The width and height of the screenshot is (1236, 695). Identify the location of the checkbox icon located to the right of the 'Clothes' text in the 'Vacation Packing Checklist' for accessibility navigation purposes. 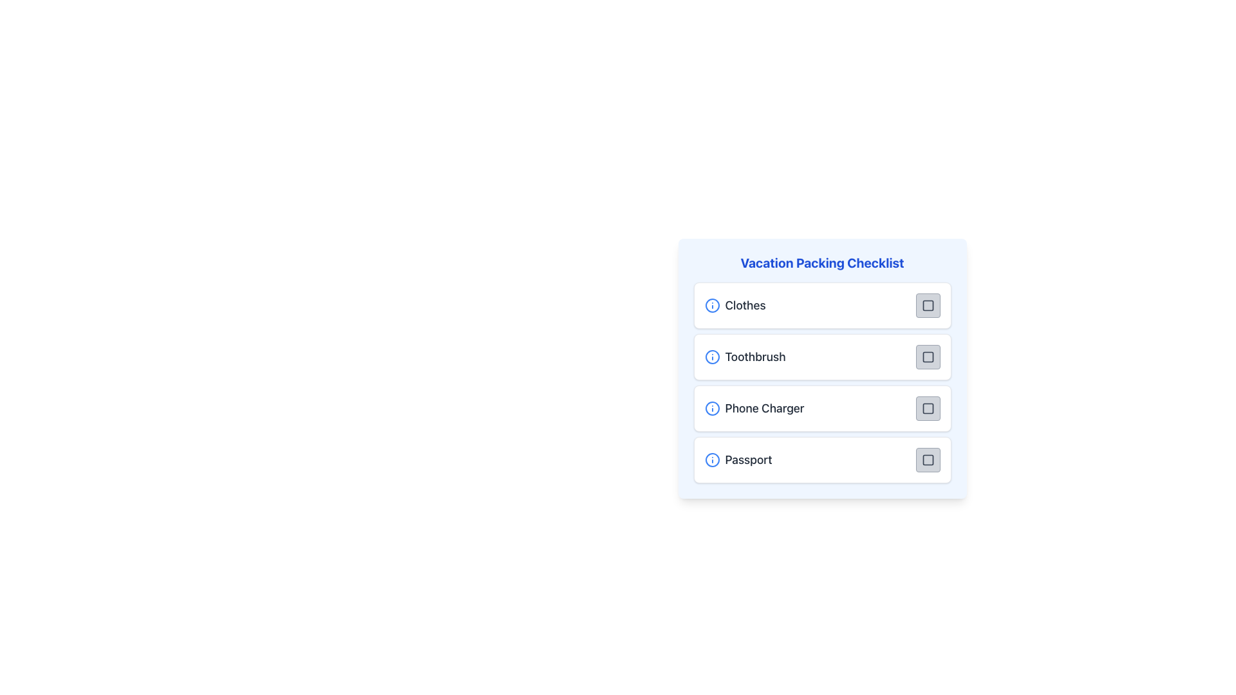
(928, 305).